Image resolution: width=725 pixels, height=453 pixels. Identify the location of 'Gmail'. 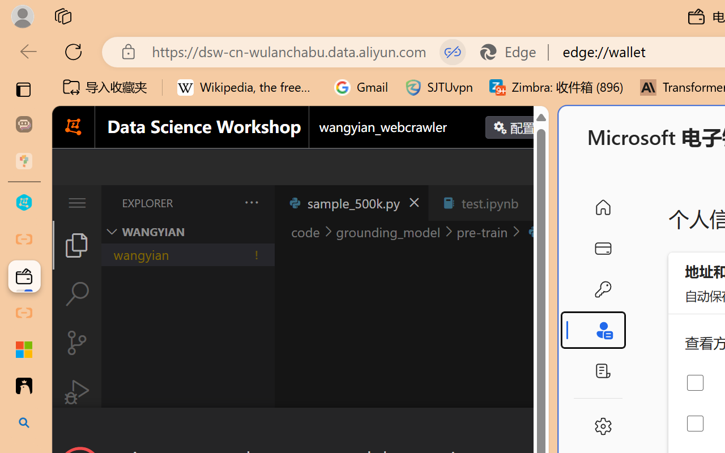
(361, 87).